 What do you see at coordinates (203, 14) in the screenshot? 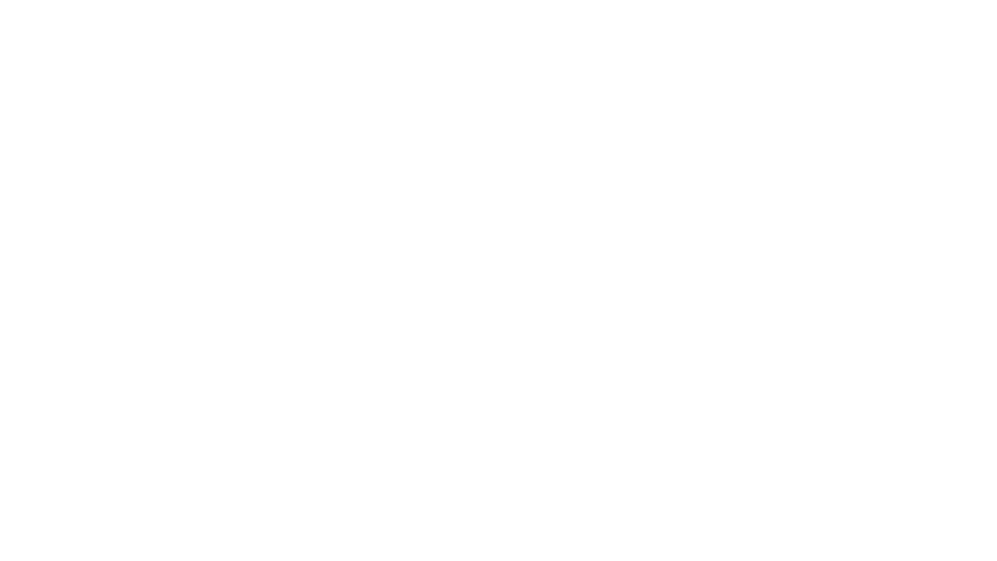
I see `Products` at bounding box center [203, 14].